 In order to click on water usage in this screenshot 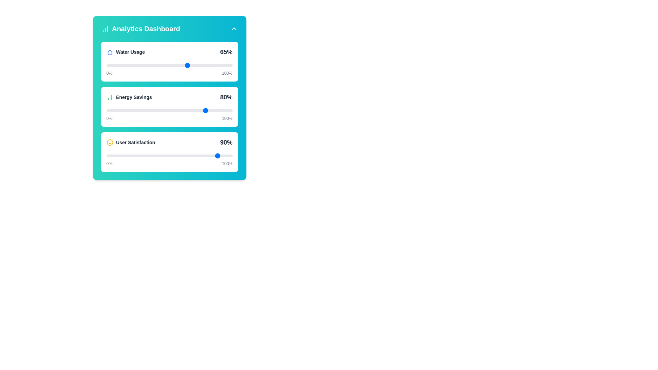, I will do `click(159, 65)`.